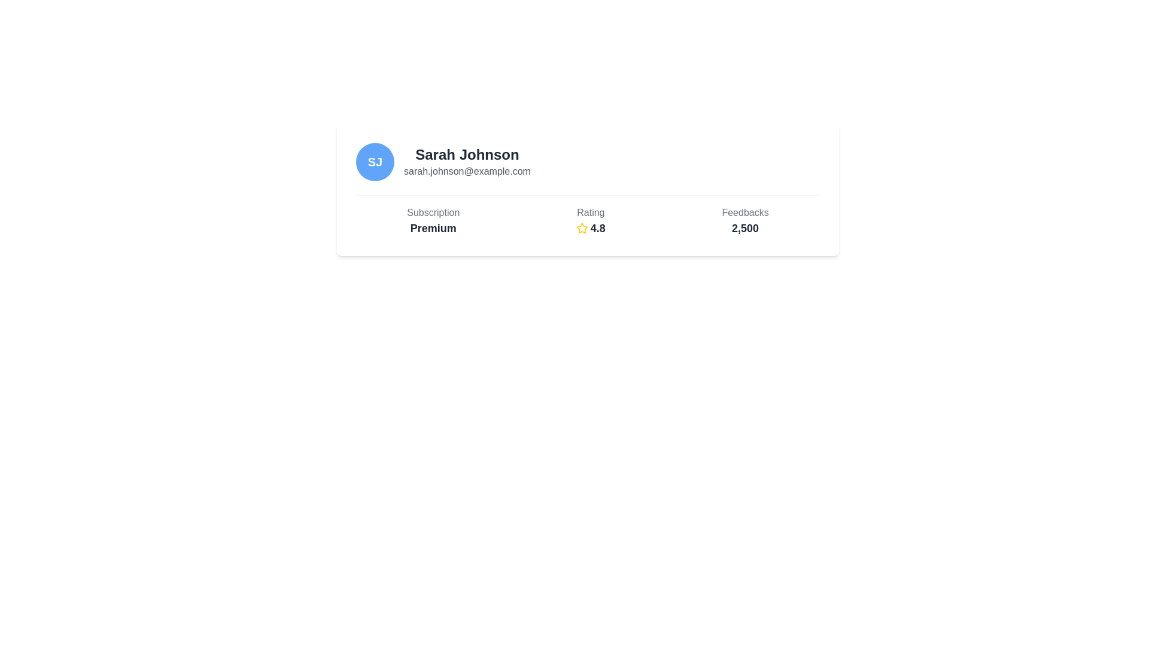 The image size is (1149, 646). Describe the element at coordinates (744, 221) in the screenshot. I see `value displayed in the static Text Display that shows the total number of feedbacks received, located in the rightmost section of the layout` at that location.